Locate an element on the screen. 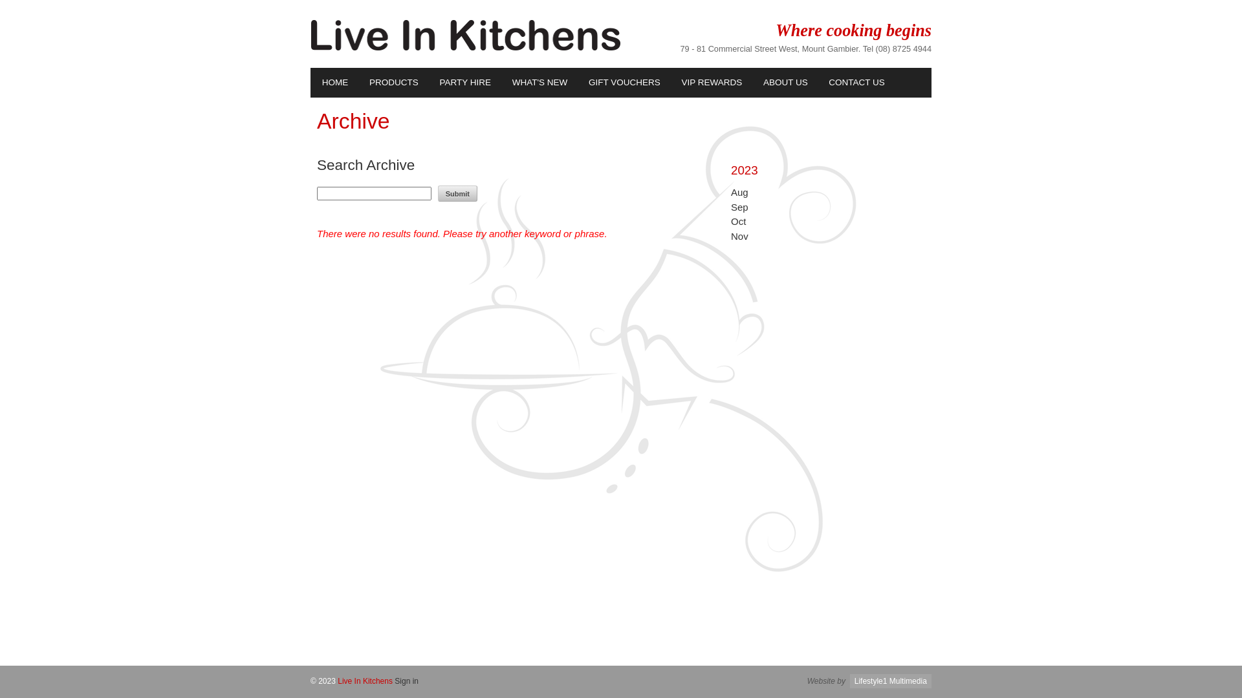  'Lifestyle1 Multimedia' is located at coordinates (850, 680).